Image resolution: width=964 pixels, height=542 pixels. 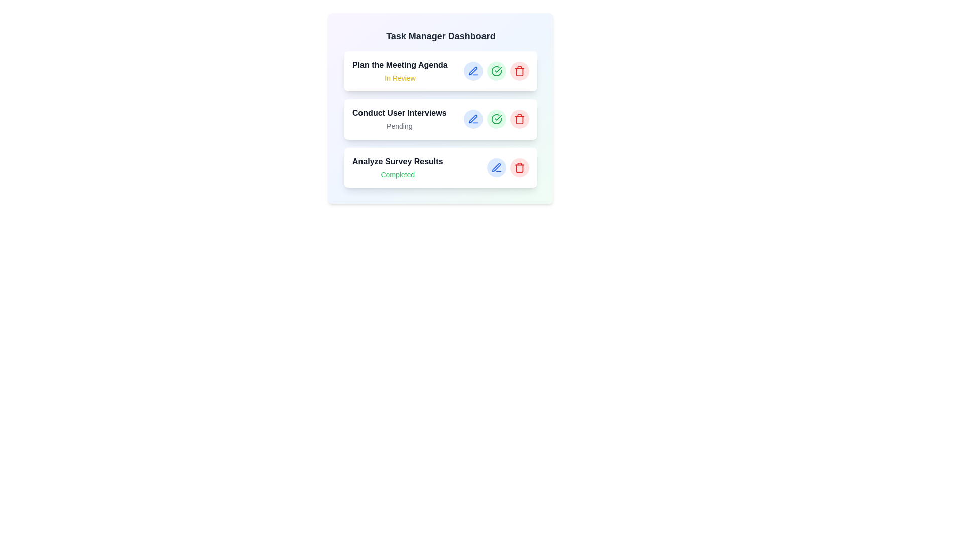 I want to click on the task titled 'Conduct User Interviews' to view additional details, so click(x=441, y=119).